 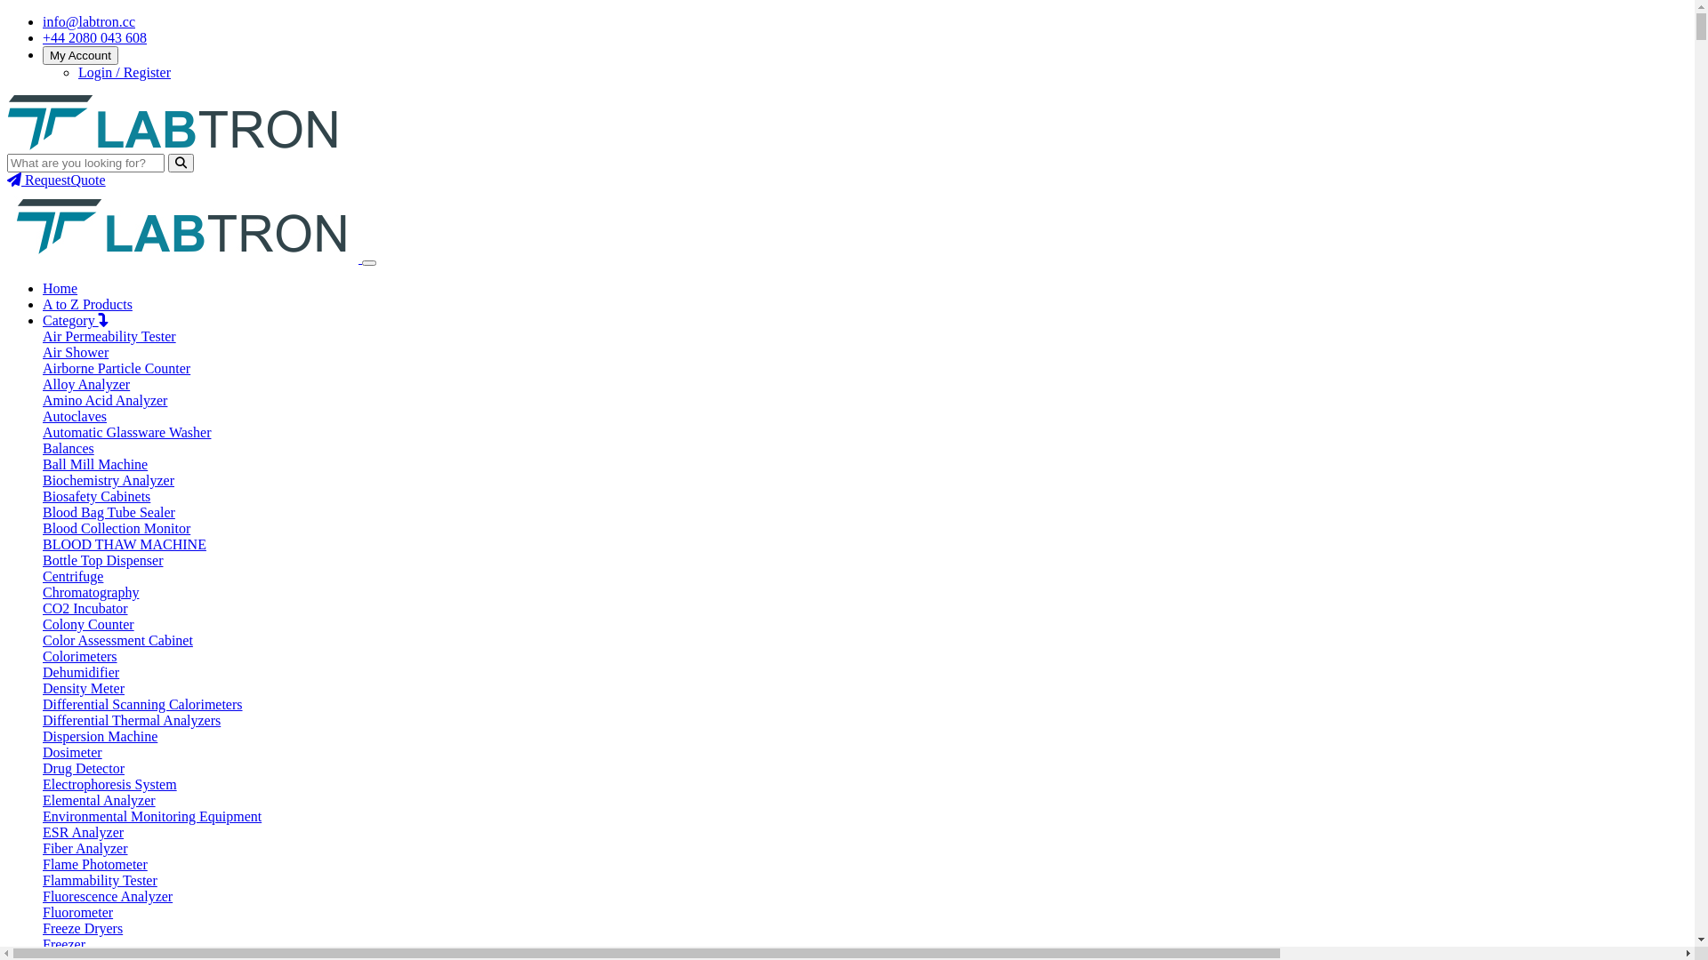 I want to click on 'Login / Register', so click(x=123, y=71).